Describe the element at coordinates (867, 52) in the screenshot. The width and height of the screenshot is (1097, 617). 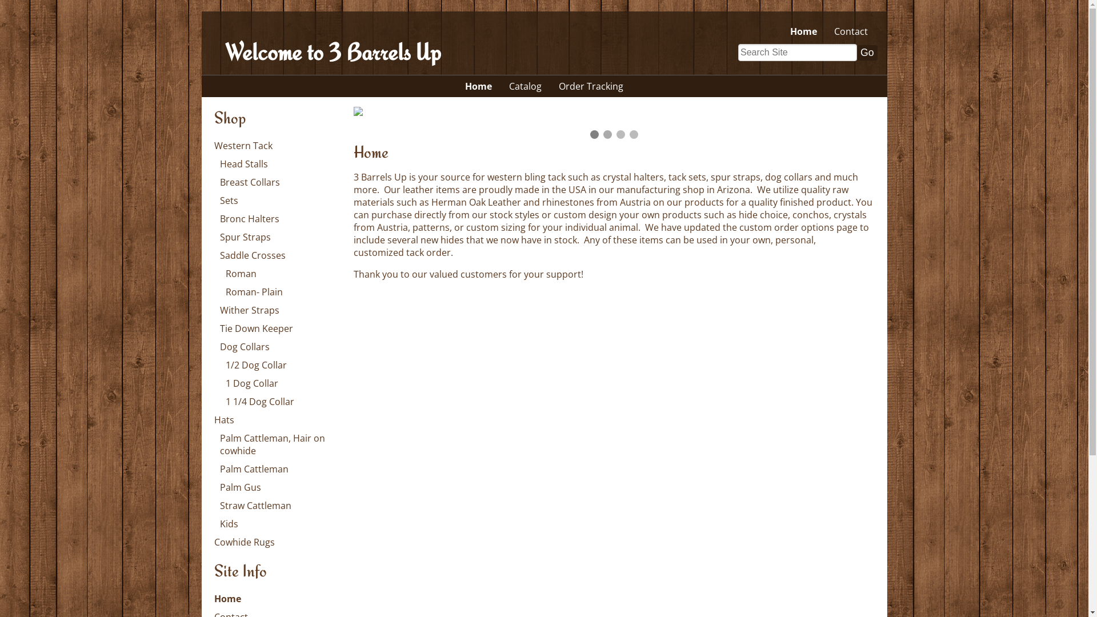
I see `'Go'` at that location.